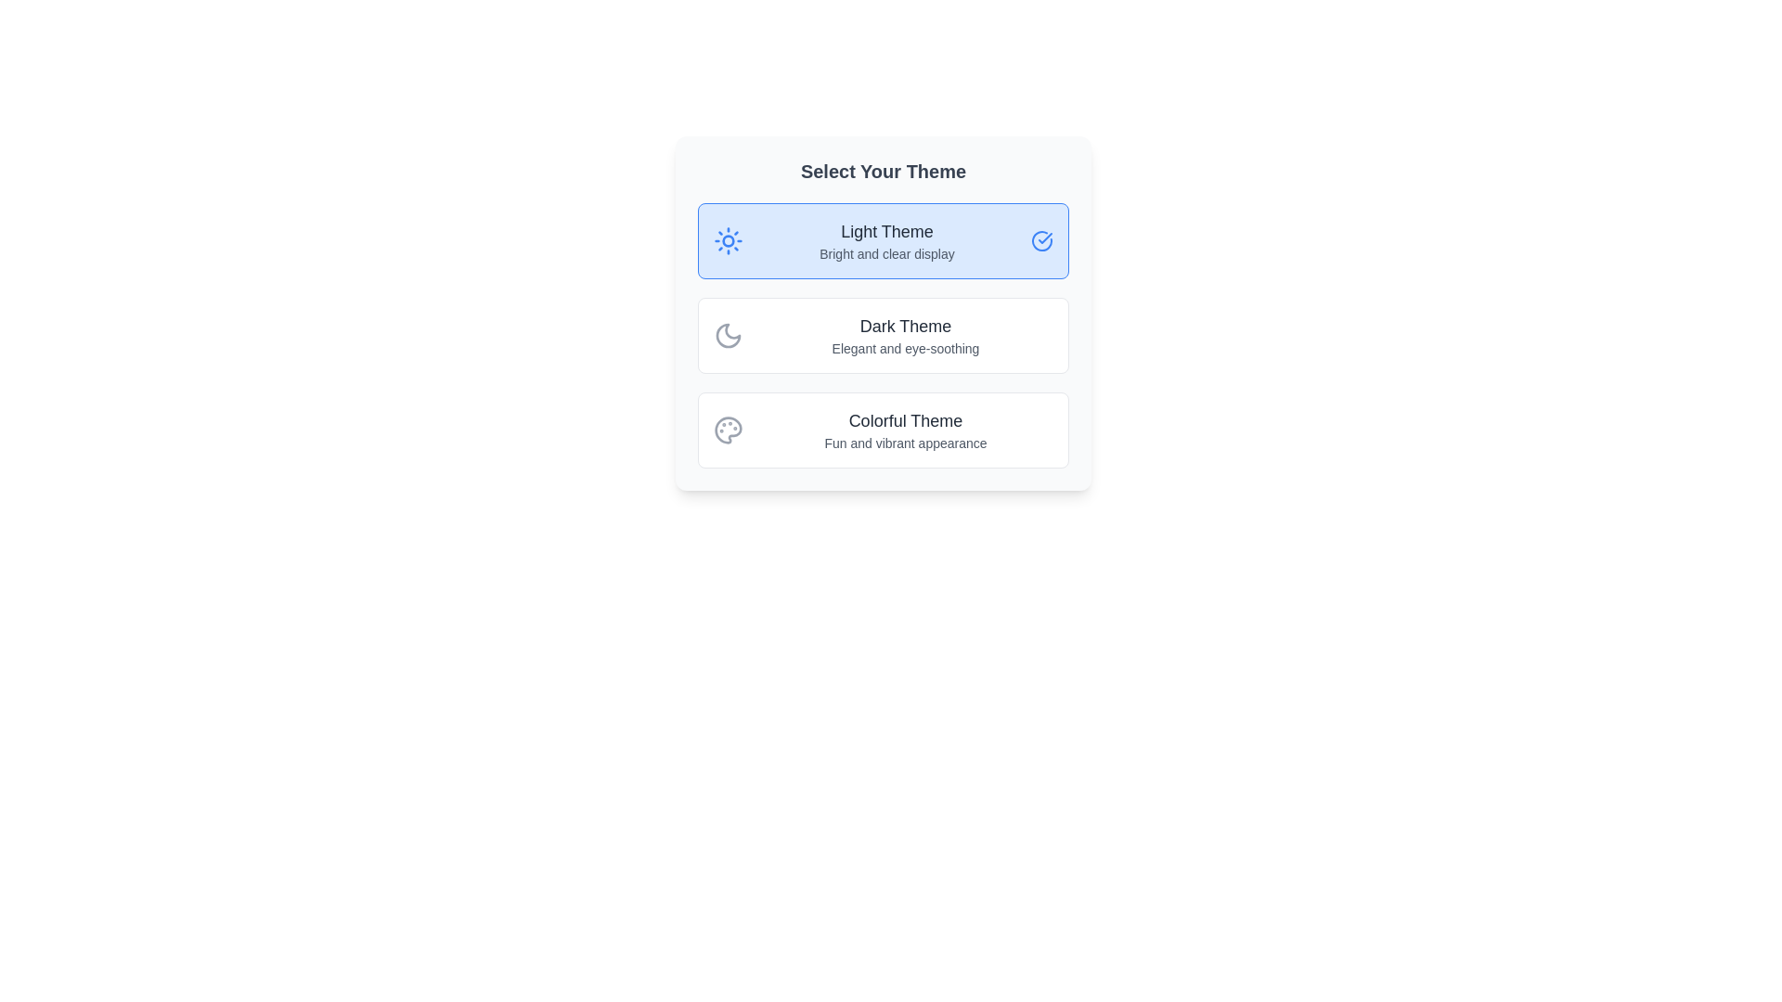  What do you see at coordinates (882, 430) in the screenshot?
I see `the 'Colorful Theme' option button, which has a painter's palette icon on the left and the text 'Colorful Theme' and 'Fun and vibrant appearance' on the right` at bounding box center [882, 430].